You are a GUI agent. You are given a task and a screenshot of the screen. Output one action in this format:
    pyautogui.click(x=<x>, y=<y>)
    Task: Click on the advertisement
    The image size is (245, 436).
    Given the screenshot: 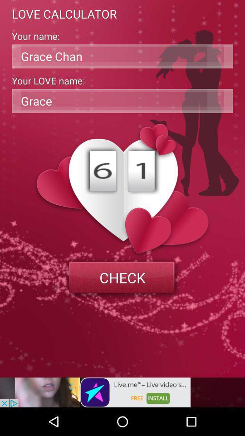 What is the action you would take?
    pyautogui.click(x=95, y=392)
    